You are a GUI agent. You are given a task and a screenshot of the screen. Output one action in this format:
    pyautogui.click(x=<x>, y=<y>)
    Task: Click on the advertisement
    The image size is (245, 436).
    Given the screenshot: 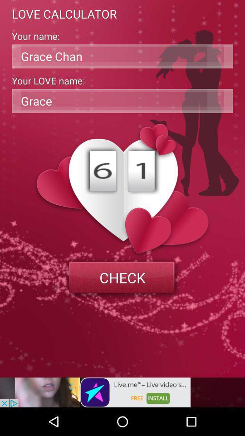 What is the action you would take?
    pyautogui.click(x=95, y=392)
    